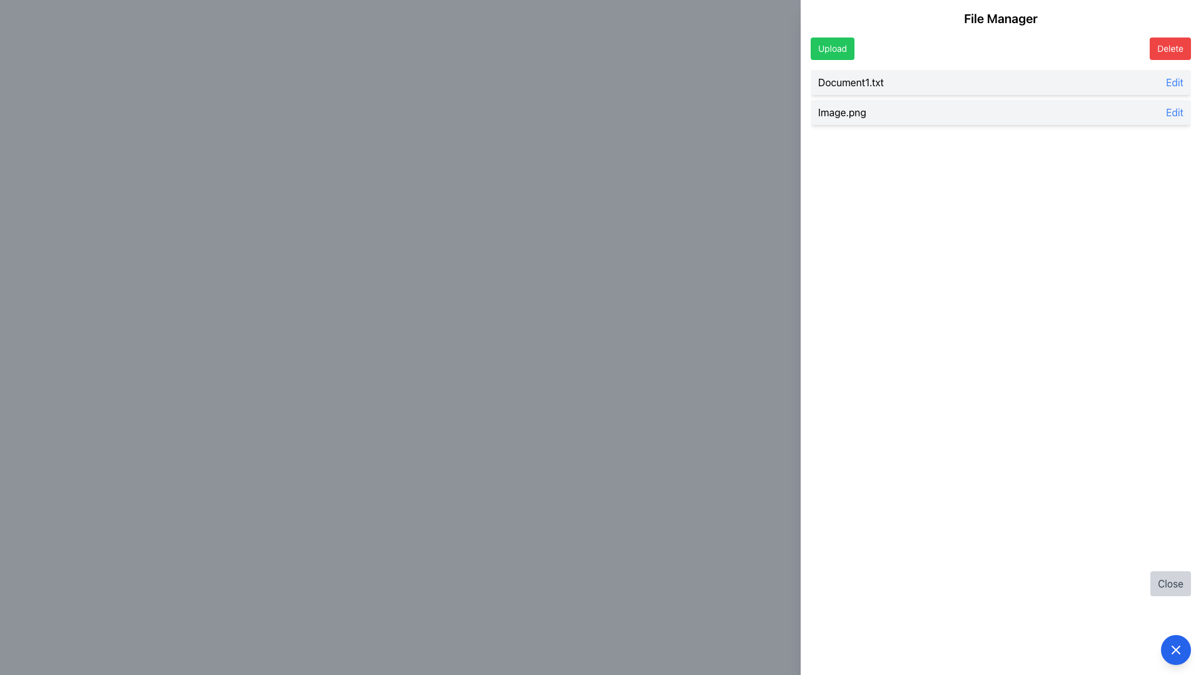  Describe the element at coordinates (1000, 583) in the screenshot. I see `the 'Close' button located at the bottom-right corner of the 'File Manager' panel` at that location.